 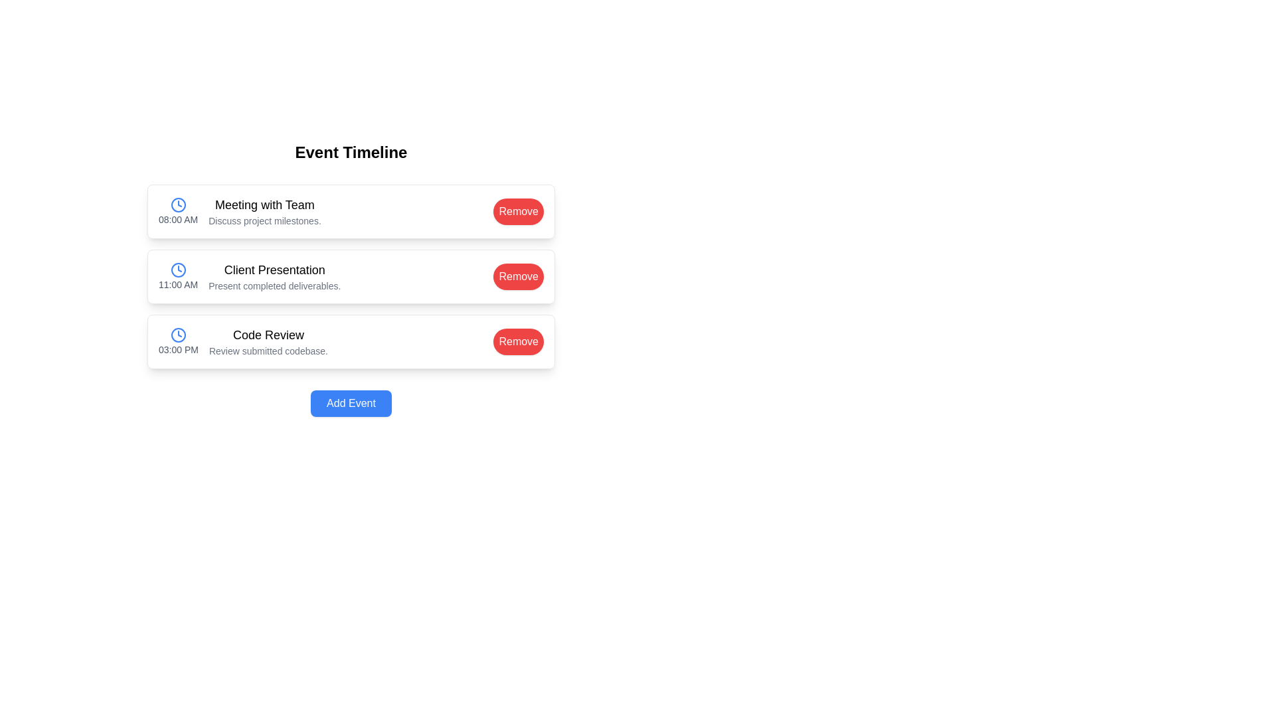 What do you see at coordinates (177, 219) in the screenshot?
I see `the Text label that represents the start time of the event in the timeline, located below the clock icon in the first event entry` at bounding box center [177, 219].